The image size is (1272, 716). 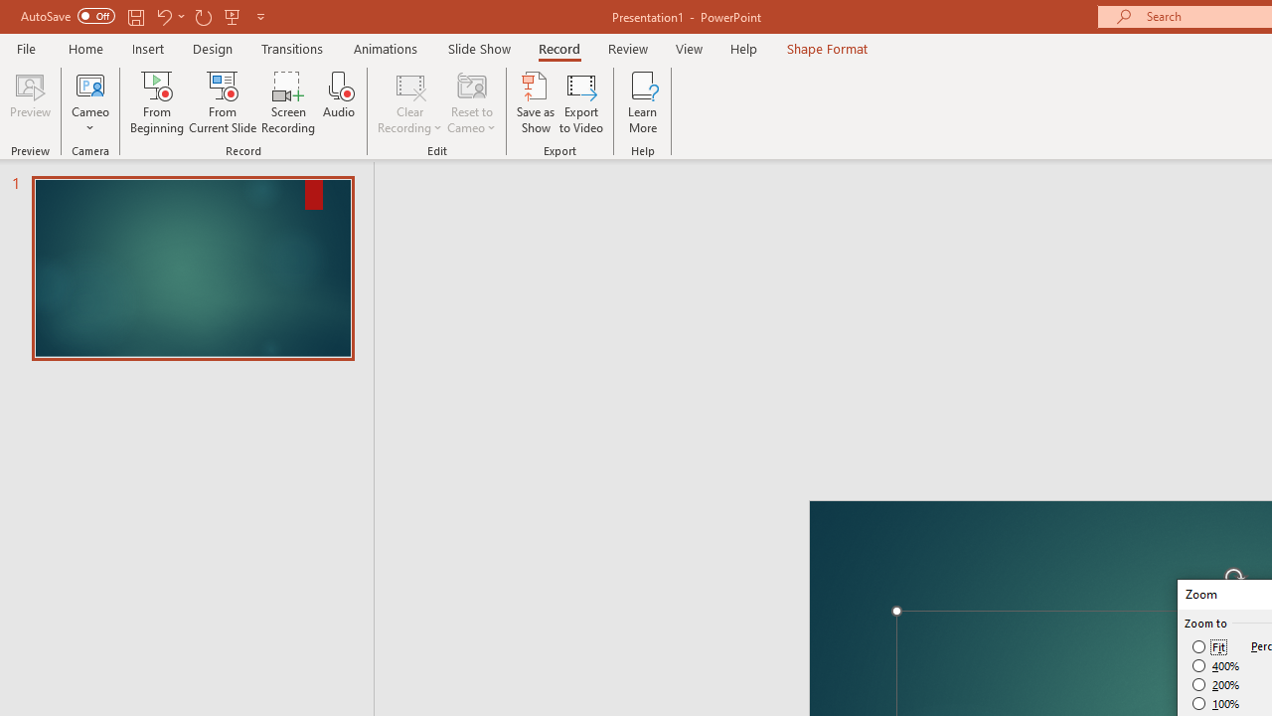 What do you see at coordinates (1208, 646) in the screenshot?
I see `'Fit'` at bounding box center [1208, 646].